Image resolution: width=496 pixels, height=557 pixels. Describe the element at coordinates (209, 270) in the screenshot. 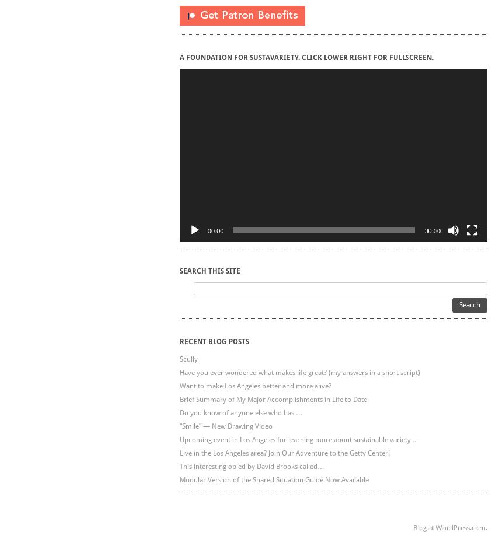

I see `'Search This Site'` at that location.